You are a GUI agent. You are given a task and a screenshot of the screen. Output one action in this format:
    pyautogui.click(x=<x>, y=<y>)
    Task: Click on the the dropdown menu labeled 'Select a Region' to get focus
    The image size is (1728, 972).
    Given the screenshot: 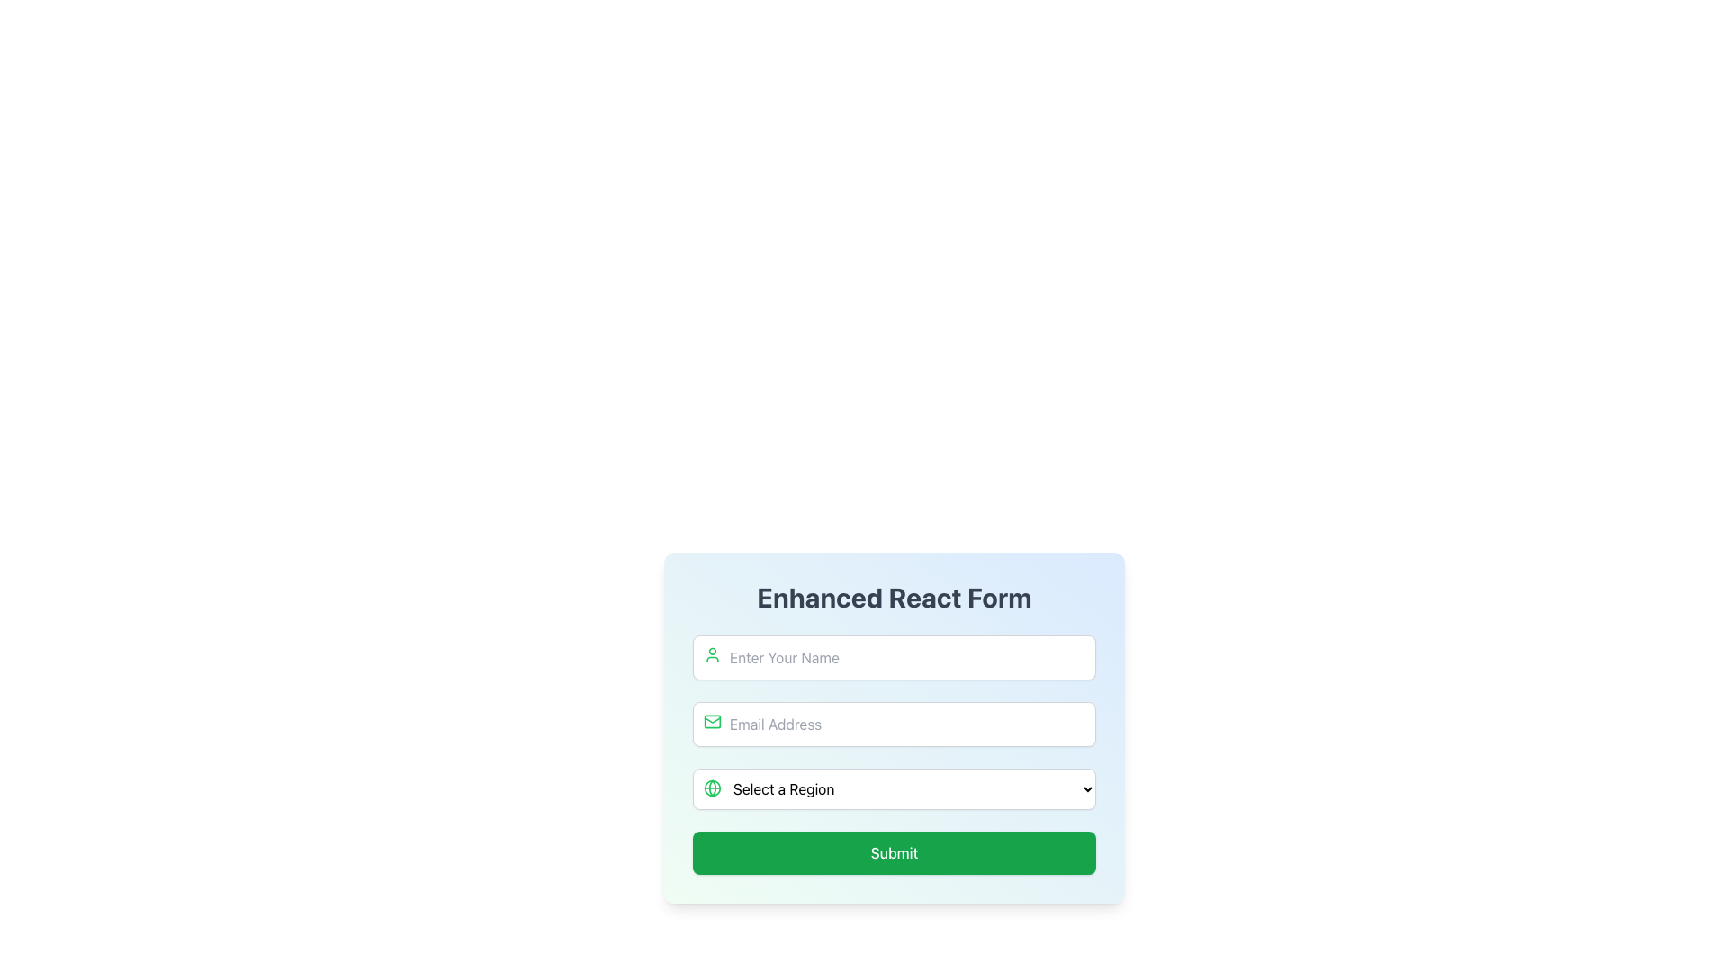 What is the action you would take?
    pyautogui.click(x=894, y=787)
    